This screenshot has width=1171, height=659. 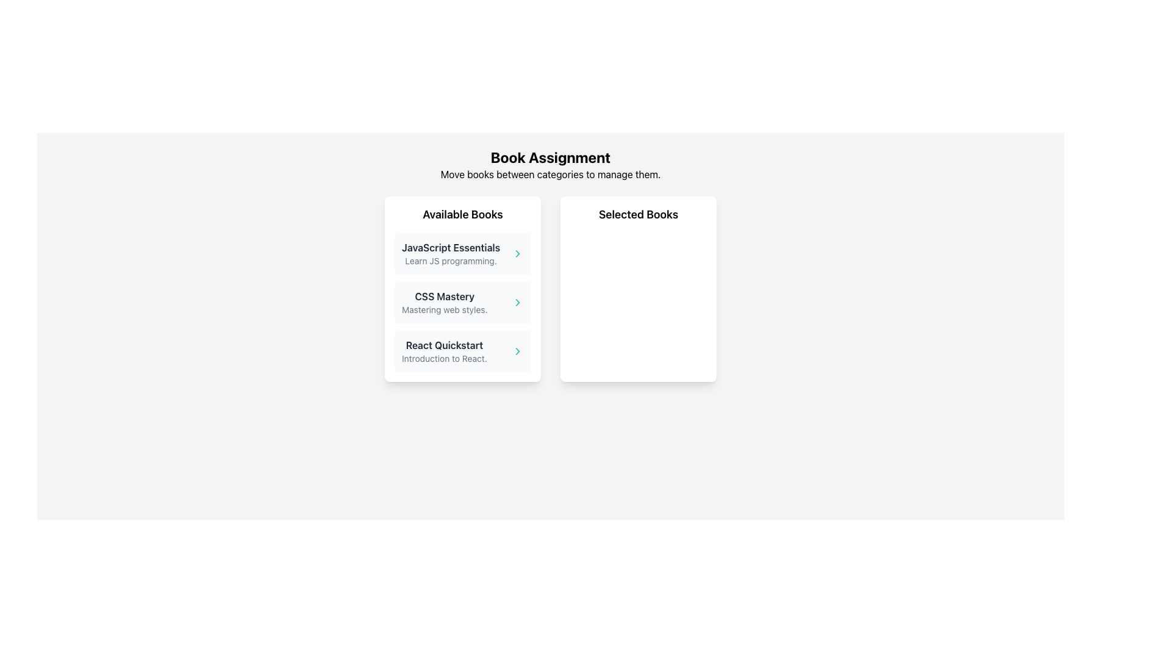 What do you see at coordinates (443, 351) in the screenshot?
I see `text from the label of the book titled 'React Quickstart' located in the 'Available Books' column, which is positioned below 'CSS Mastery.'` at bounding box center [443, 351].